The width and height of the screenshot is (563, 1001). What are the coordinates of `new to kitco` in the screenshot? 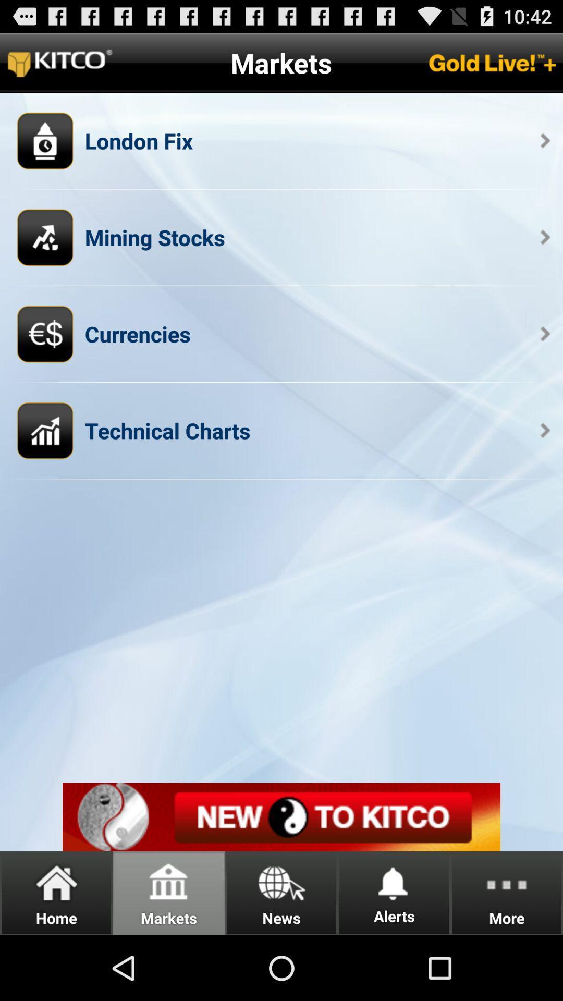 It's located at (281, 816).